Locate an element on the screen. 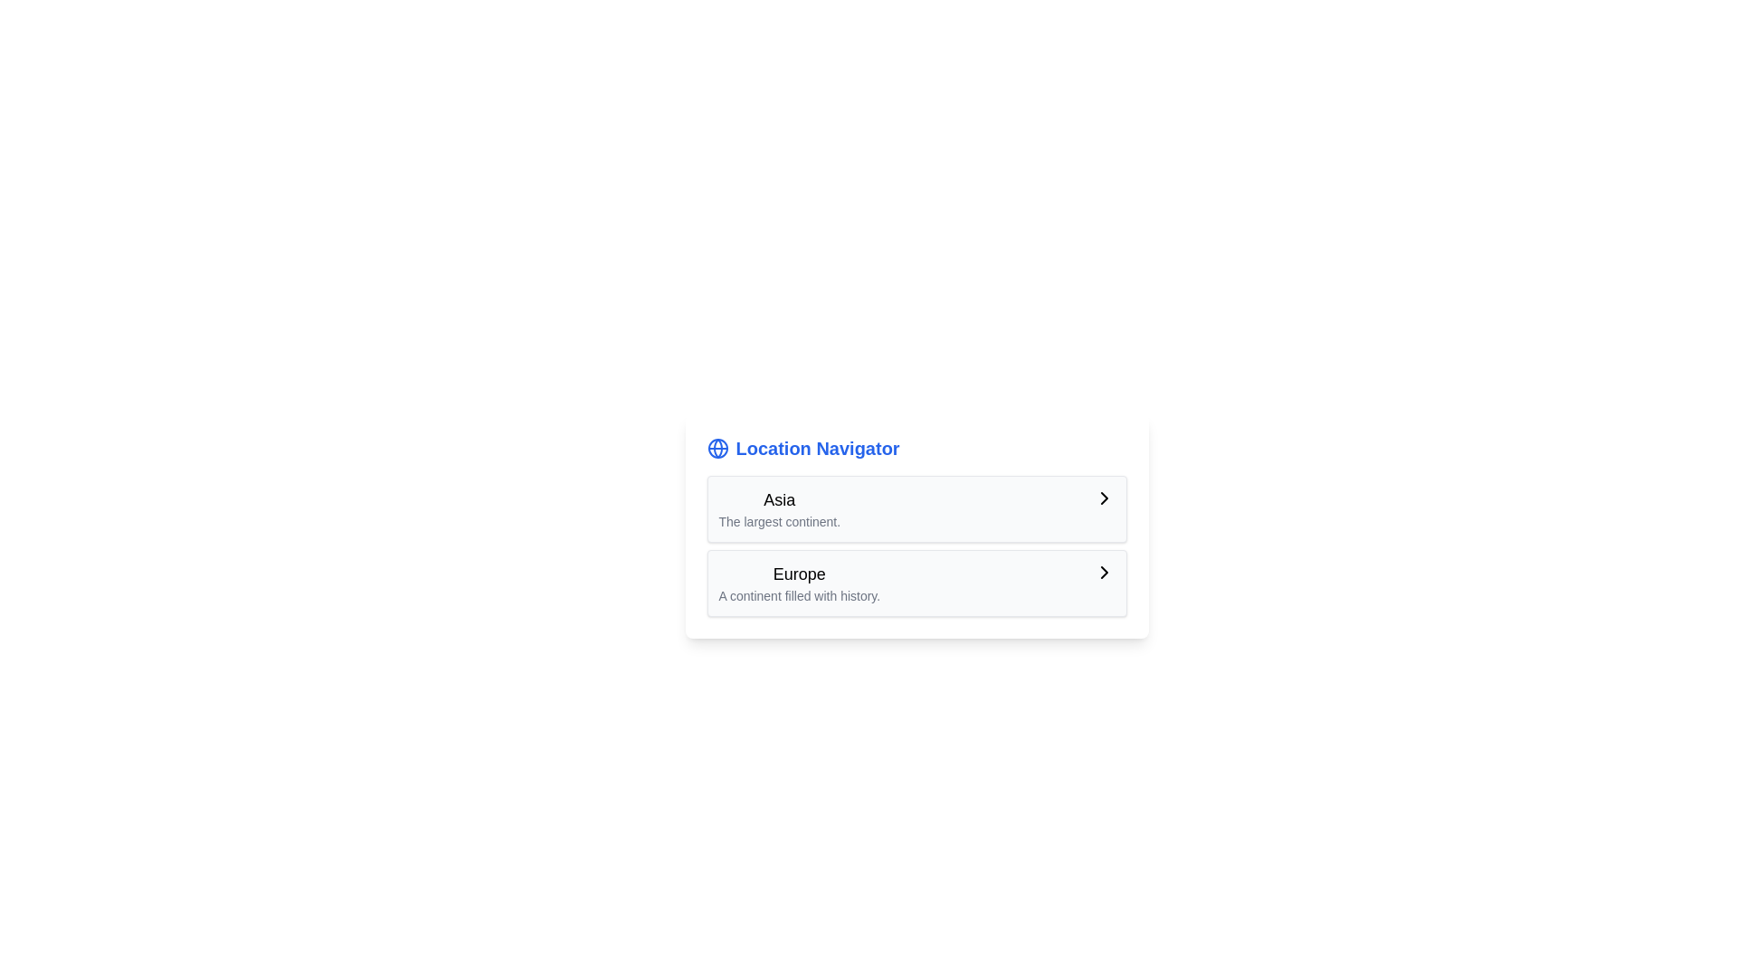 This screenshot has height=977, width=1737. the chevron icon in the 'Asia' section of the 'Location Navigator' interface is located at coordinates (1103, 498).